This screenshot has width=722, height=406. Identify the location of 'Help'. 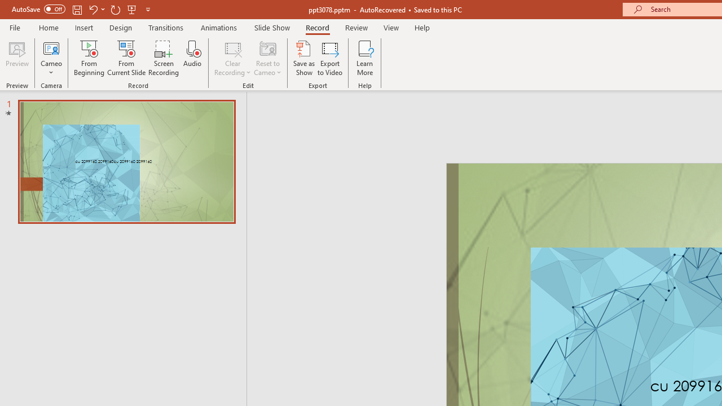
(421, 27).